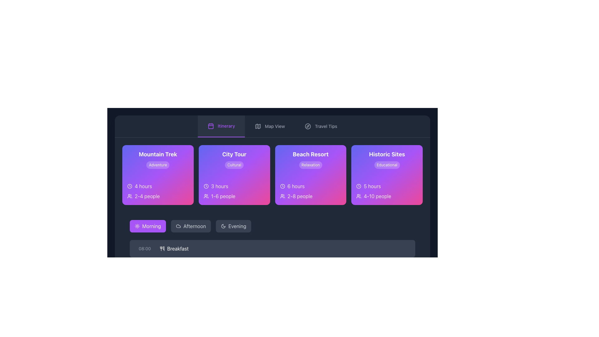 This screenshot has height=337, width=599. Describe the element at coordinates (387, 159) in the screenshot. I see `the 'Historic Sites' text and badge descriptor element, which features bold white text and a smaller badge-style text 'Educational' within a rounded rectangle, located in the last card of a horizontally arranged set of cards` at that location.